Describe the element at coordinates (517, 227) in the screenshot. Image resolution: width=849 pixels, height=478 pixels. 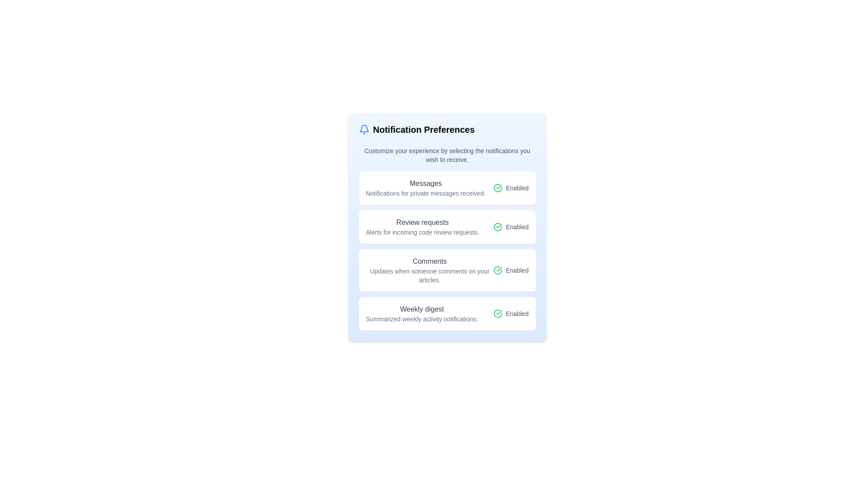
I see `the static text label indicating the 'enabled' state of the review requests setting, located at the far right end of the row adjacent to the green circle-check icon` at that location.